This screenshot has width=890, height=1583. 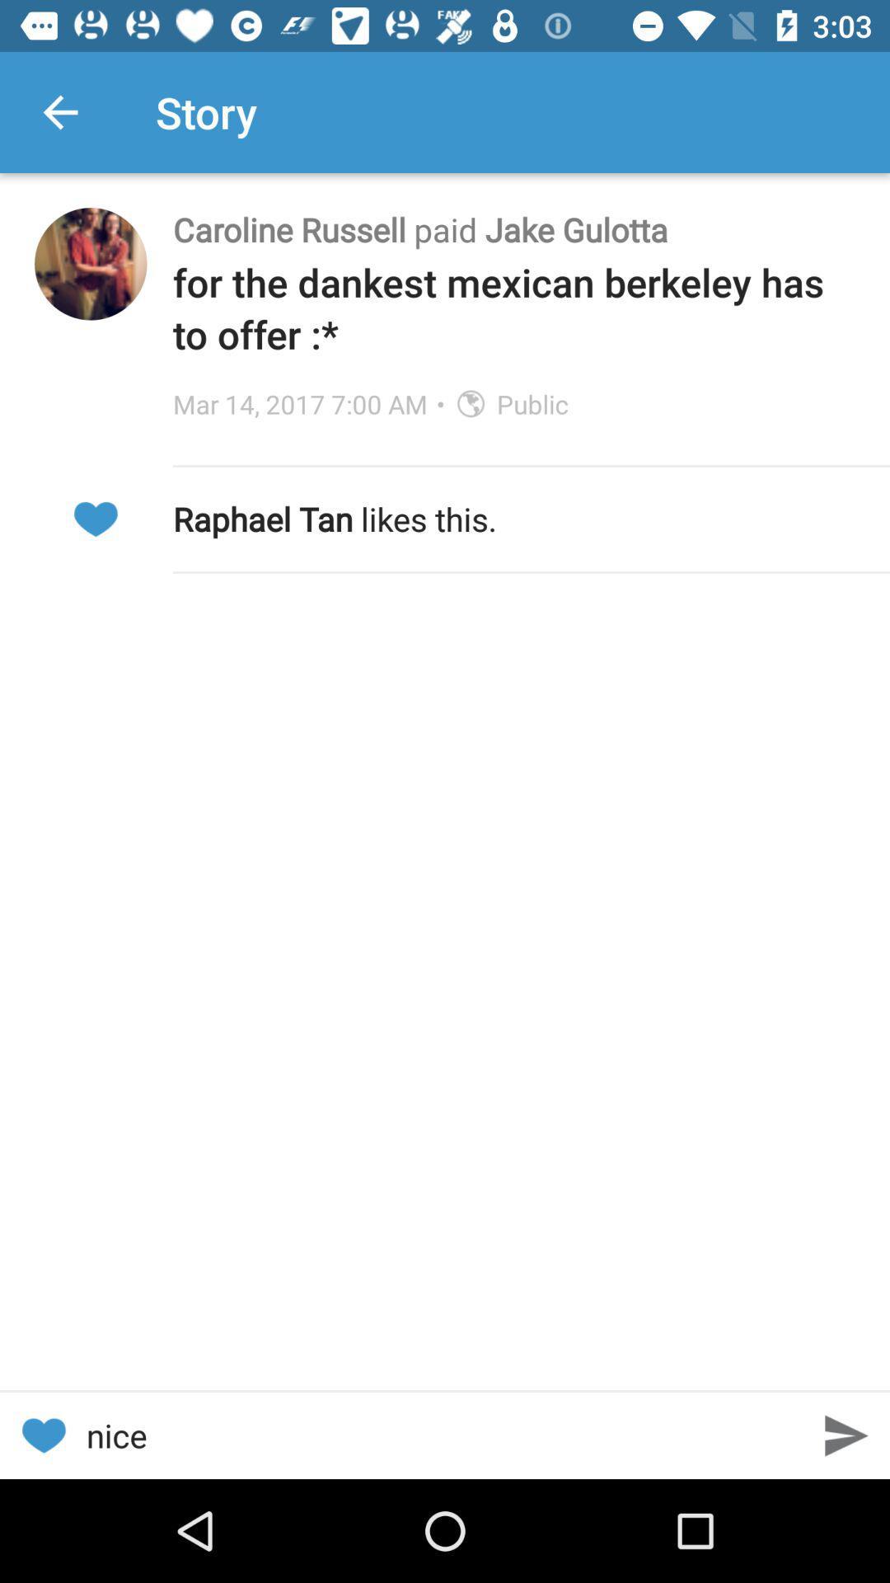 What do you see at coordinates (42, 1435) in the screenshot?
I see `item to the left of nice` at bounding box center [42, 1435].